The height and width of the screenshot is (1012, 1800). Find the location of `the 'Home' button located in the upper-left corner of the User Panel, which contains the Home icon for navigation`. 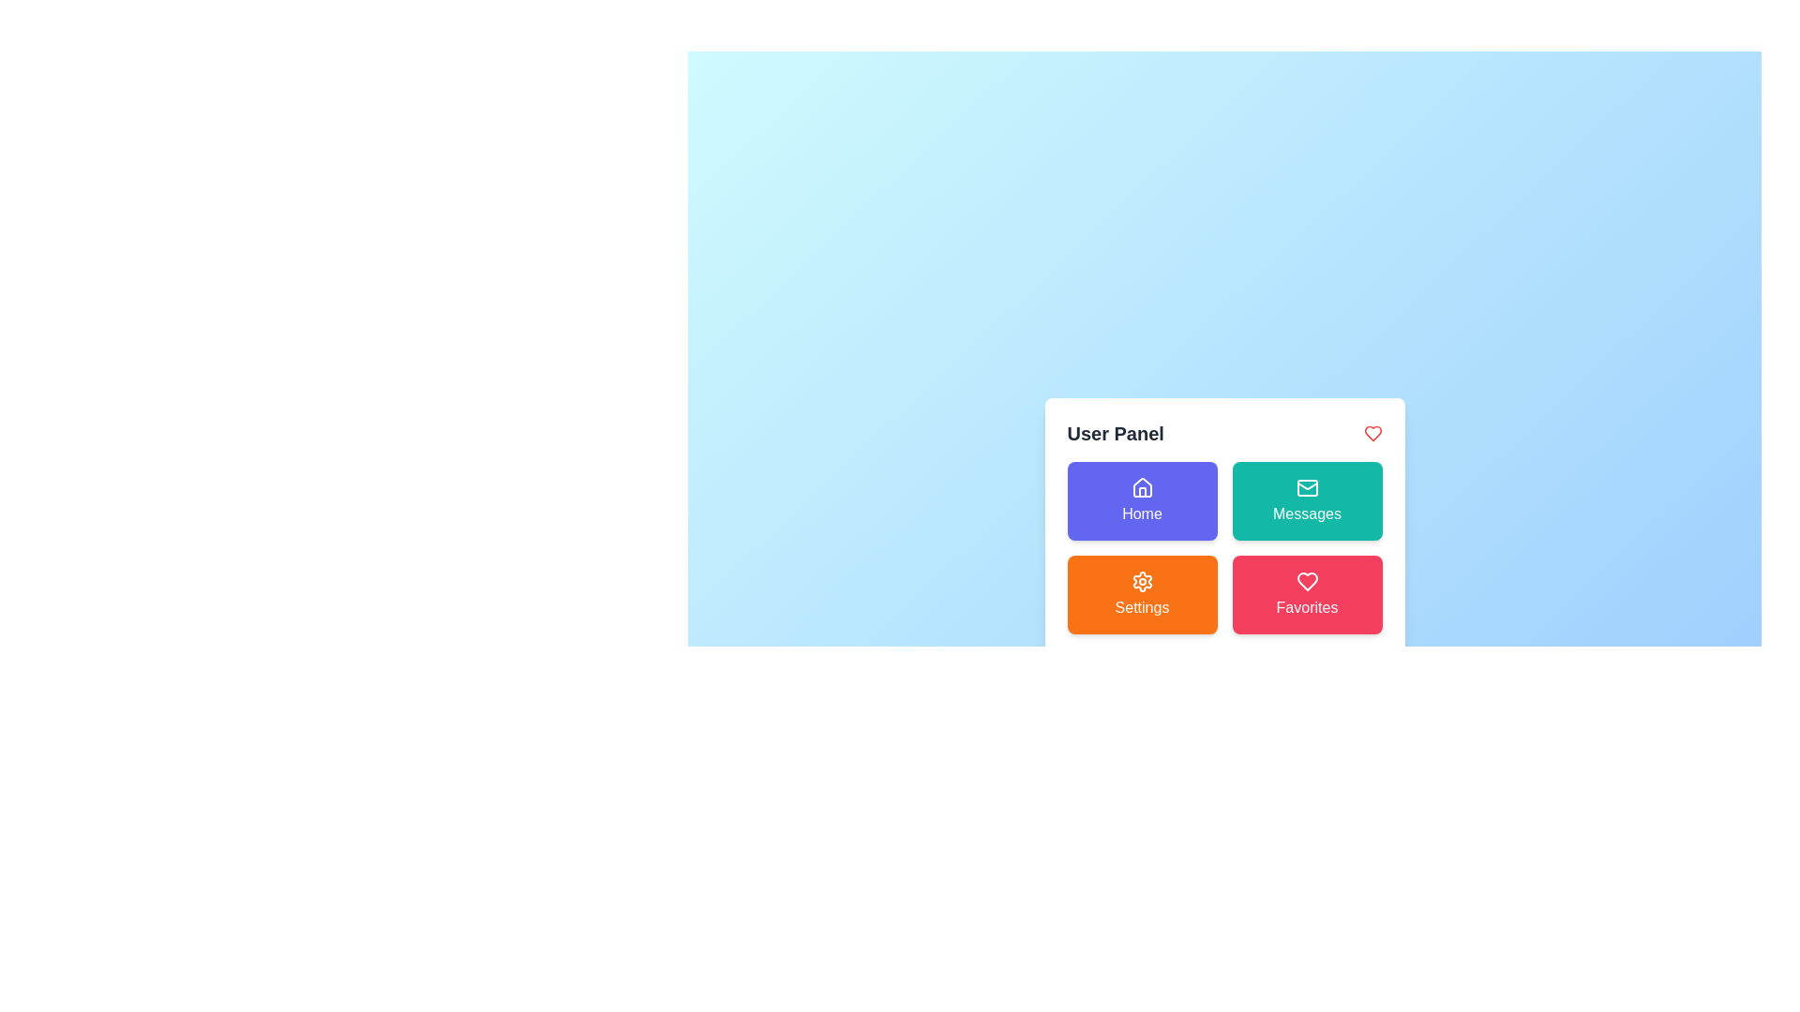

the 'Home' button located in the upper-left corner of the User Panel, which contains the Home icon for navigation is located at coordinates (1141, 486).